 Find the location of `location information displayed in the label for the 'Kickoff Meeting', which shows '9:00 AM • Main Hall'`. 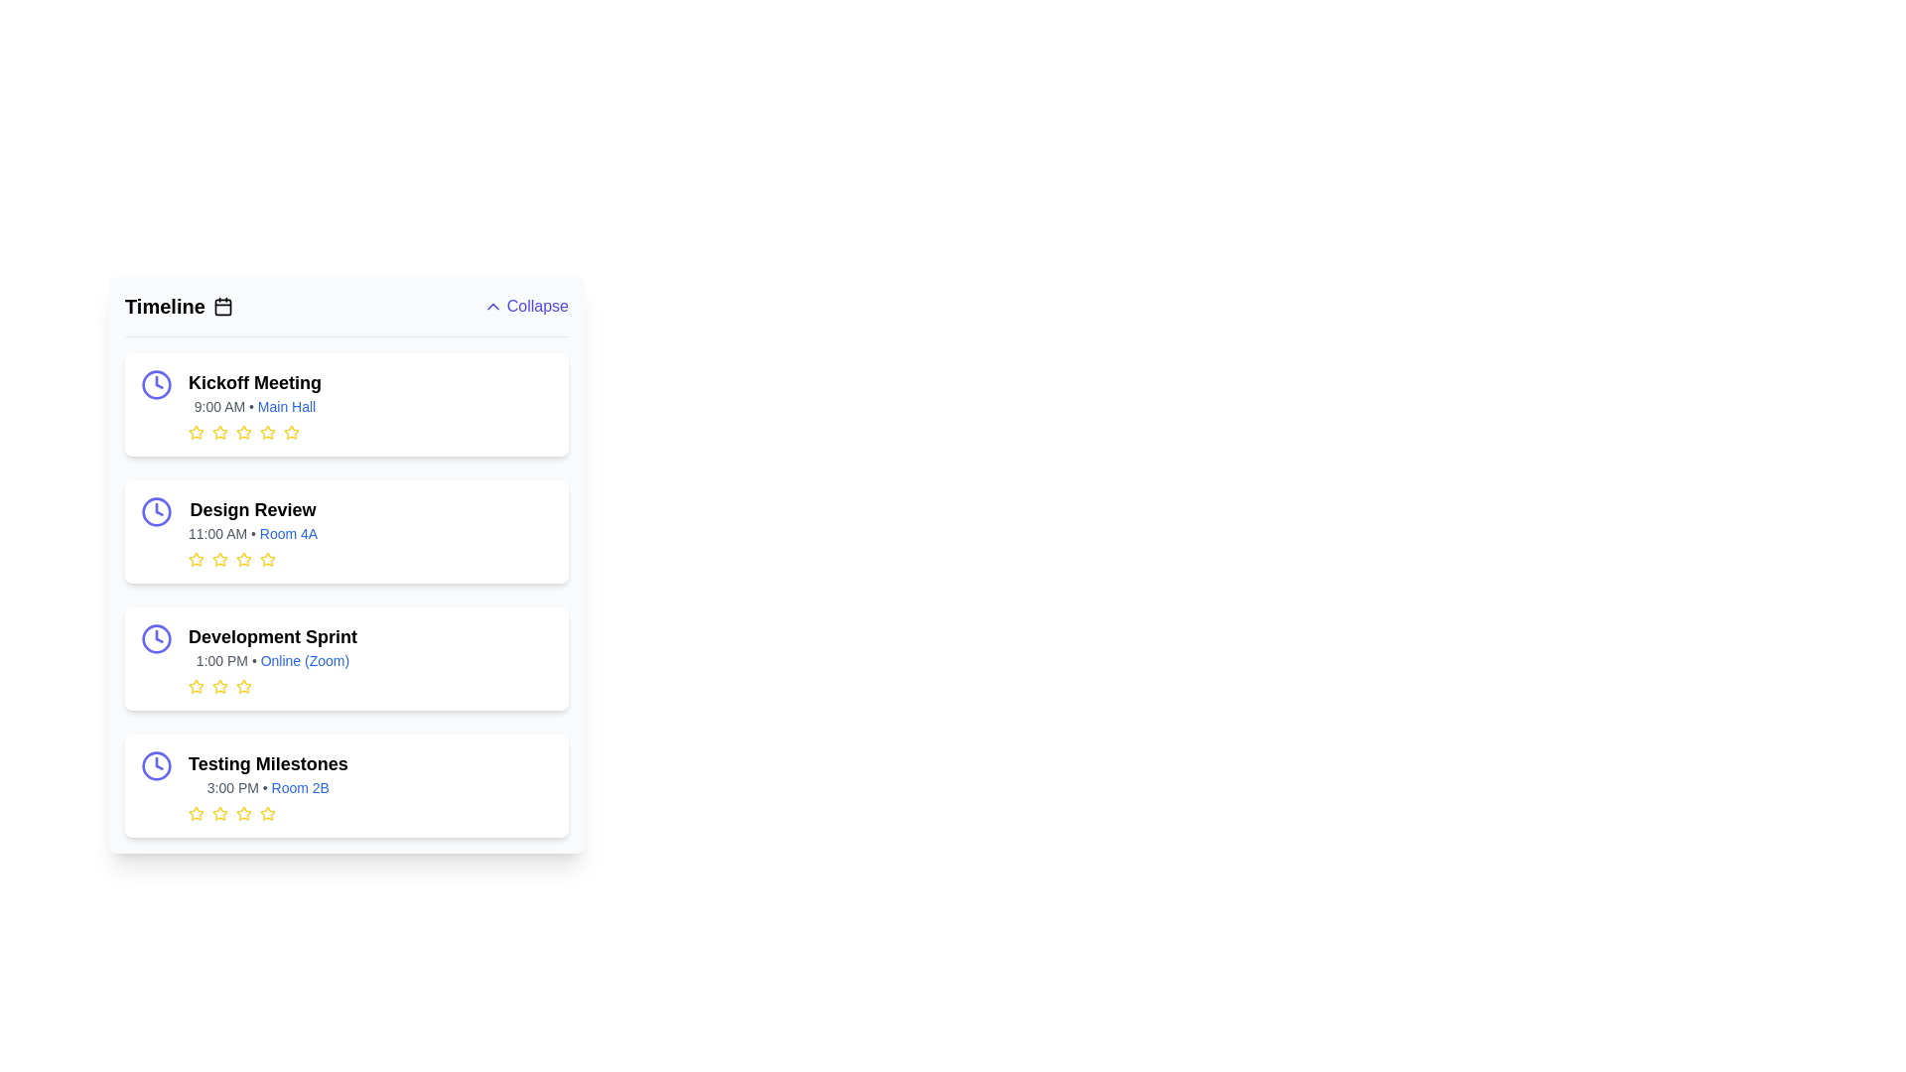

location information displayed in the label for the 'Kickoff Meeting', which shows '9:00 AM • Main Hall' is located at coordinates (285, 405).